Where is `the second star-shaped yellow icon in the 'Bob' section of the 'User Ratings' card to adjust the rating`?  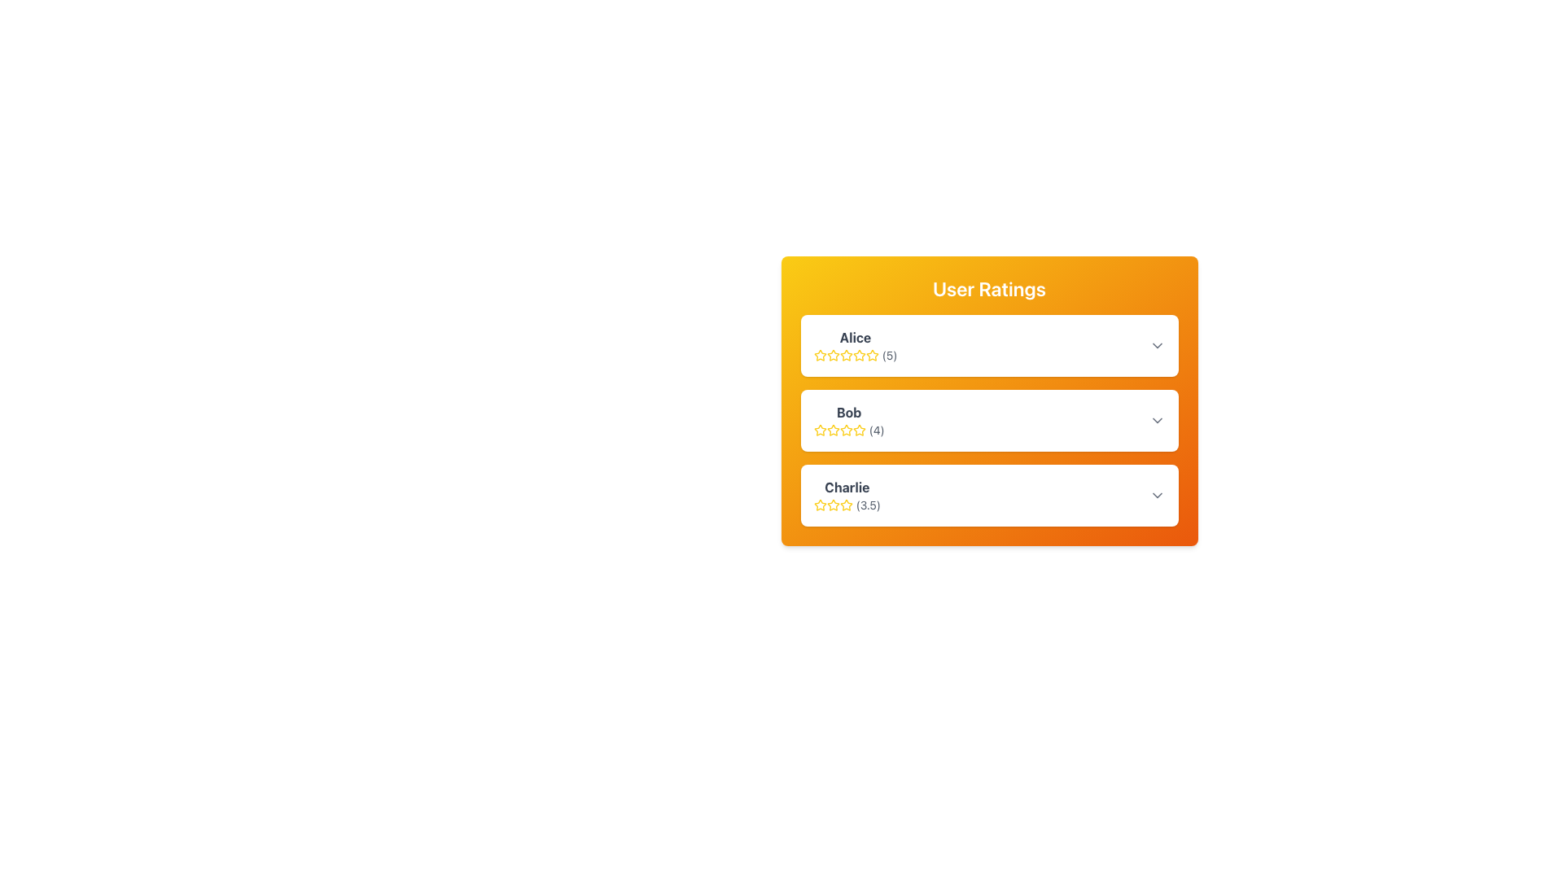 the second star-shaped yellow icon in the 'Bob' section of the 'User Ratings' card to adjust the rating is located at coordinates (820, 429).